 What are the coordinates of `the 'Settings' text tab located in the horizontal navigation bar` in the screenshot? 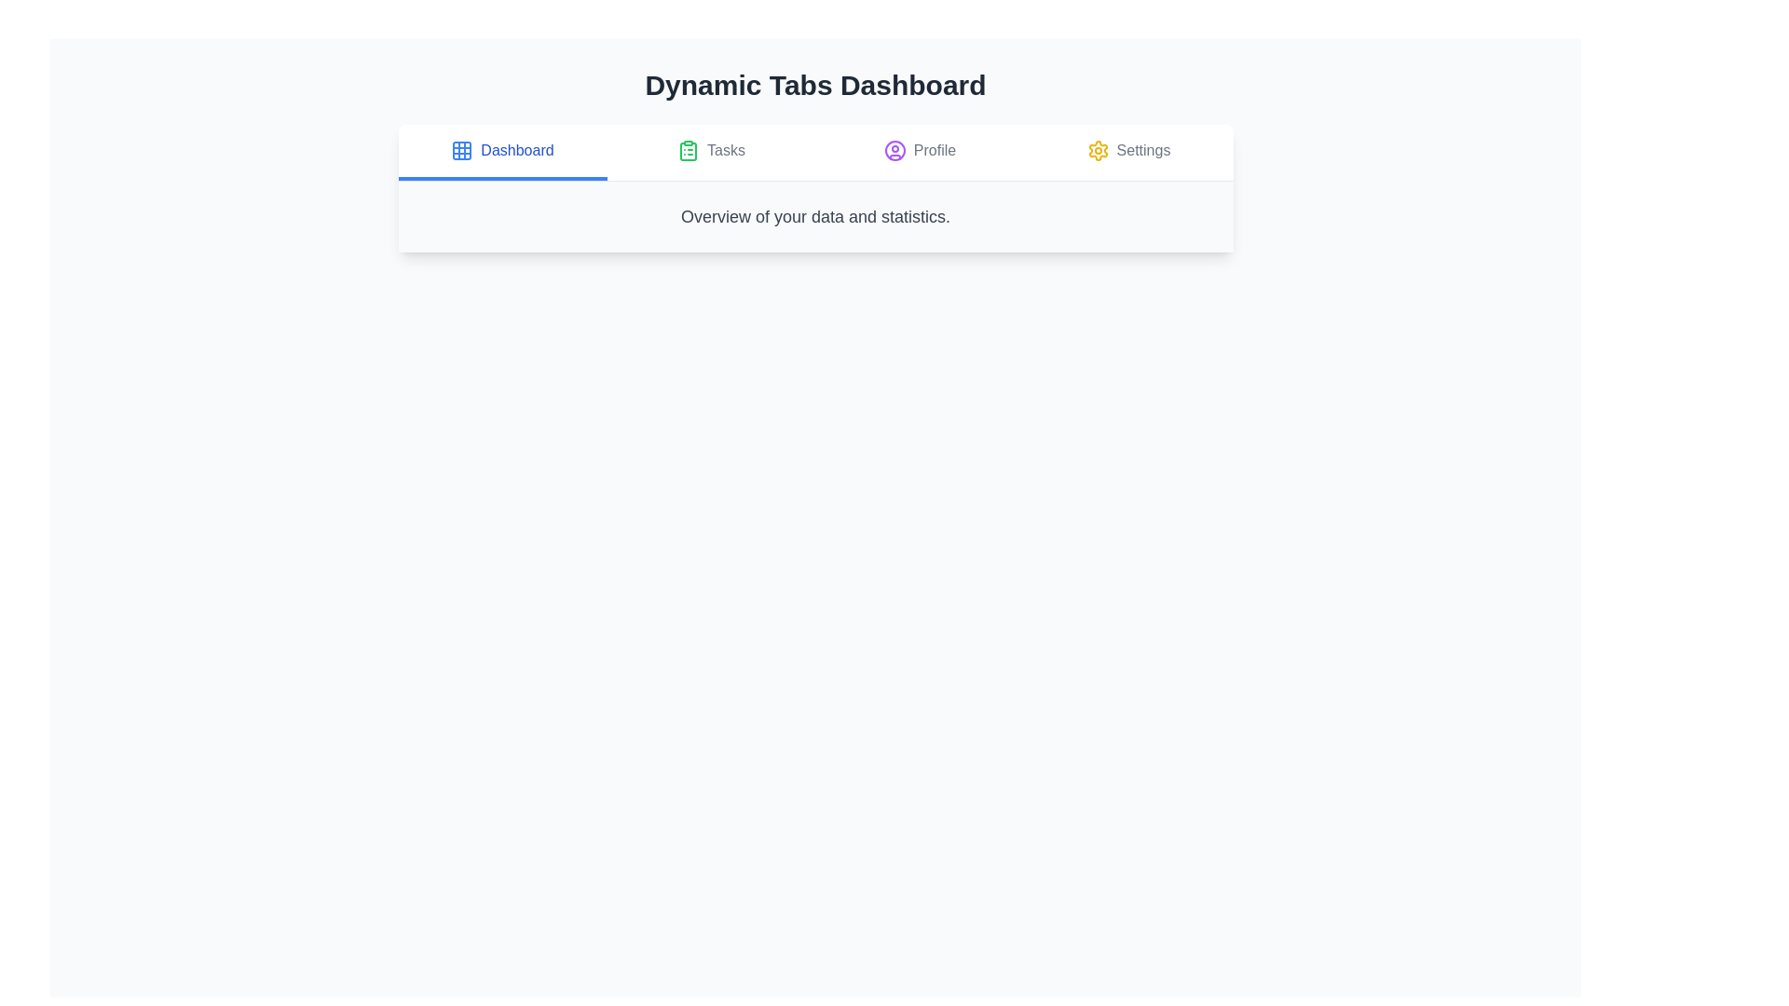 It's located at (1142, 150).